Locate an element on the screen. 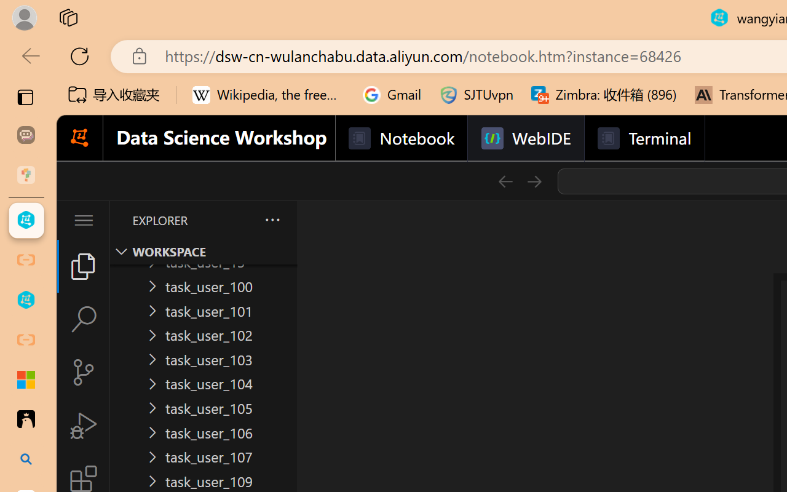 The width and height of the screenshot is (787, 492). 'Go Back (Alt+LeftArrow)' is located at coordinates (505, 181).